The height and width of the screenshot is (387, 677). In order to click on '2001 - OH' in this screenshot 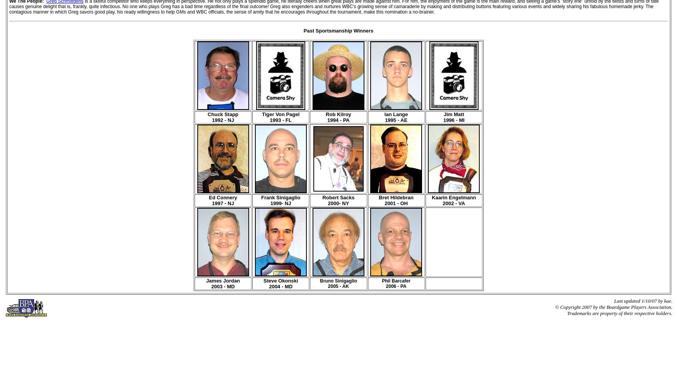, I will do `click(384, 203)`.